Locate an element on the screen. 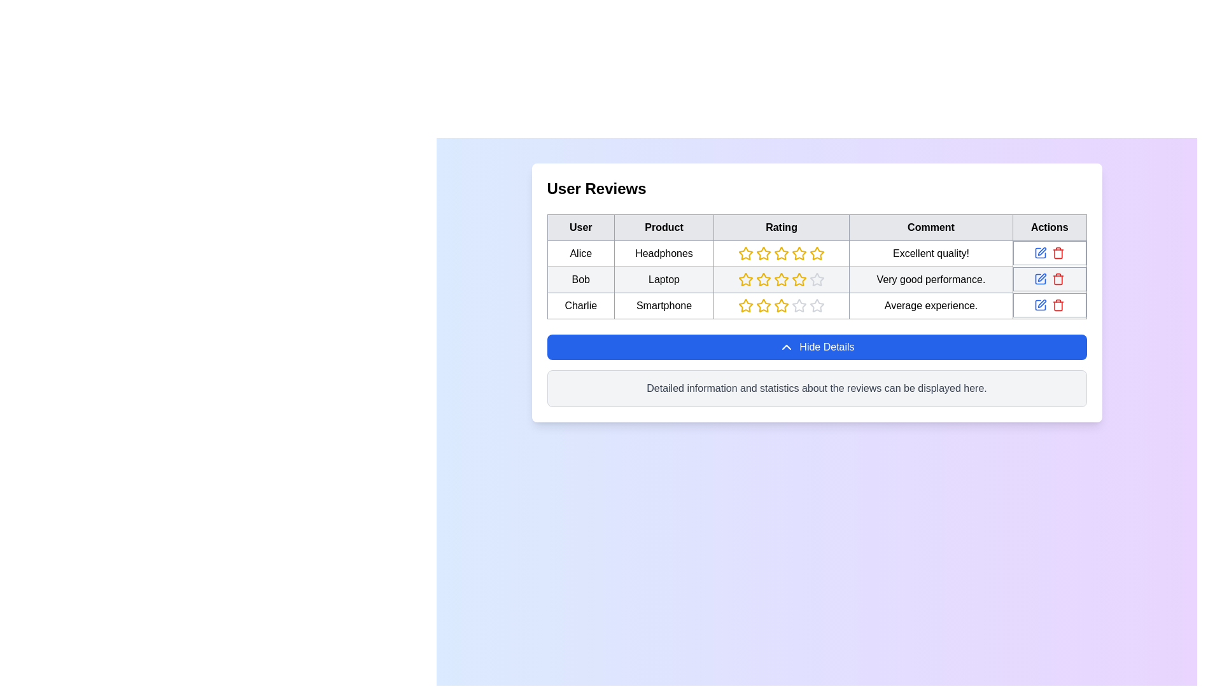  the table cell containing the text 'Smartphone', located in the third row and second column of the table is located at coordinates (663, 306).